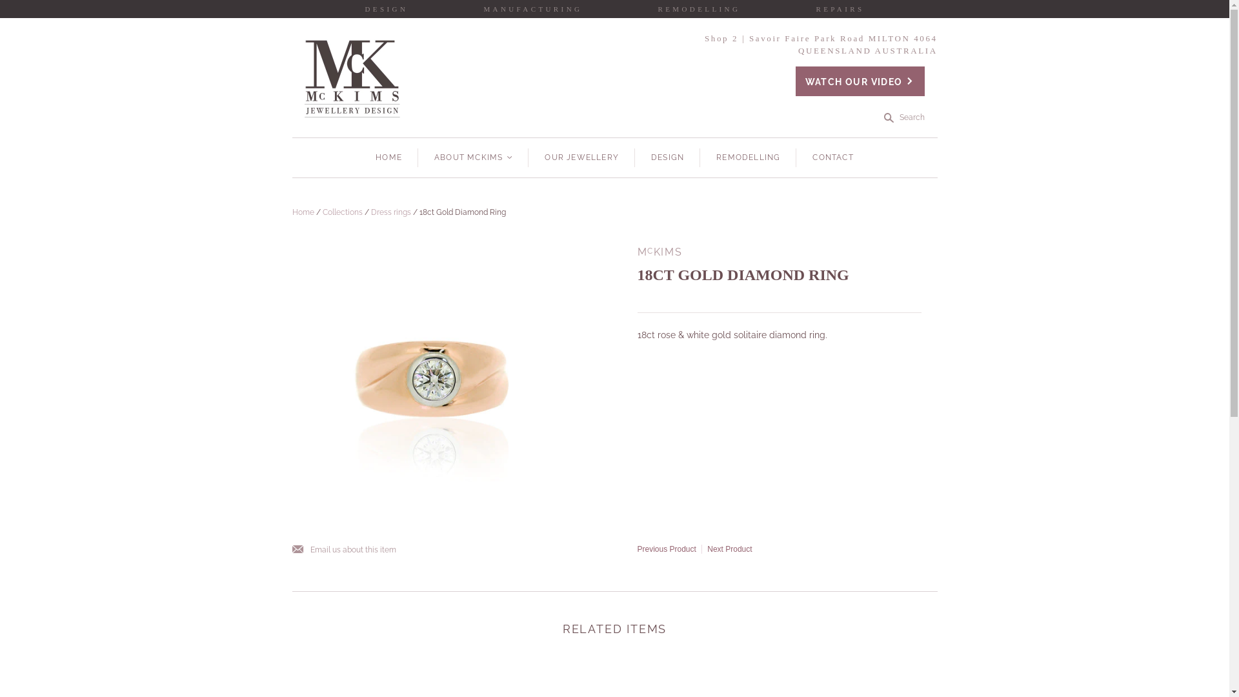 This screenshot has width=1239, height=697. What do you see at coordinates (388, 157) in the screenshot?
I see `'HOME'` at bounding box center [388, 157].